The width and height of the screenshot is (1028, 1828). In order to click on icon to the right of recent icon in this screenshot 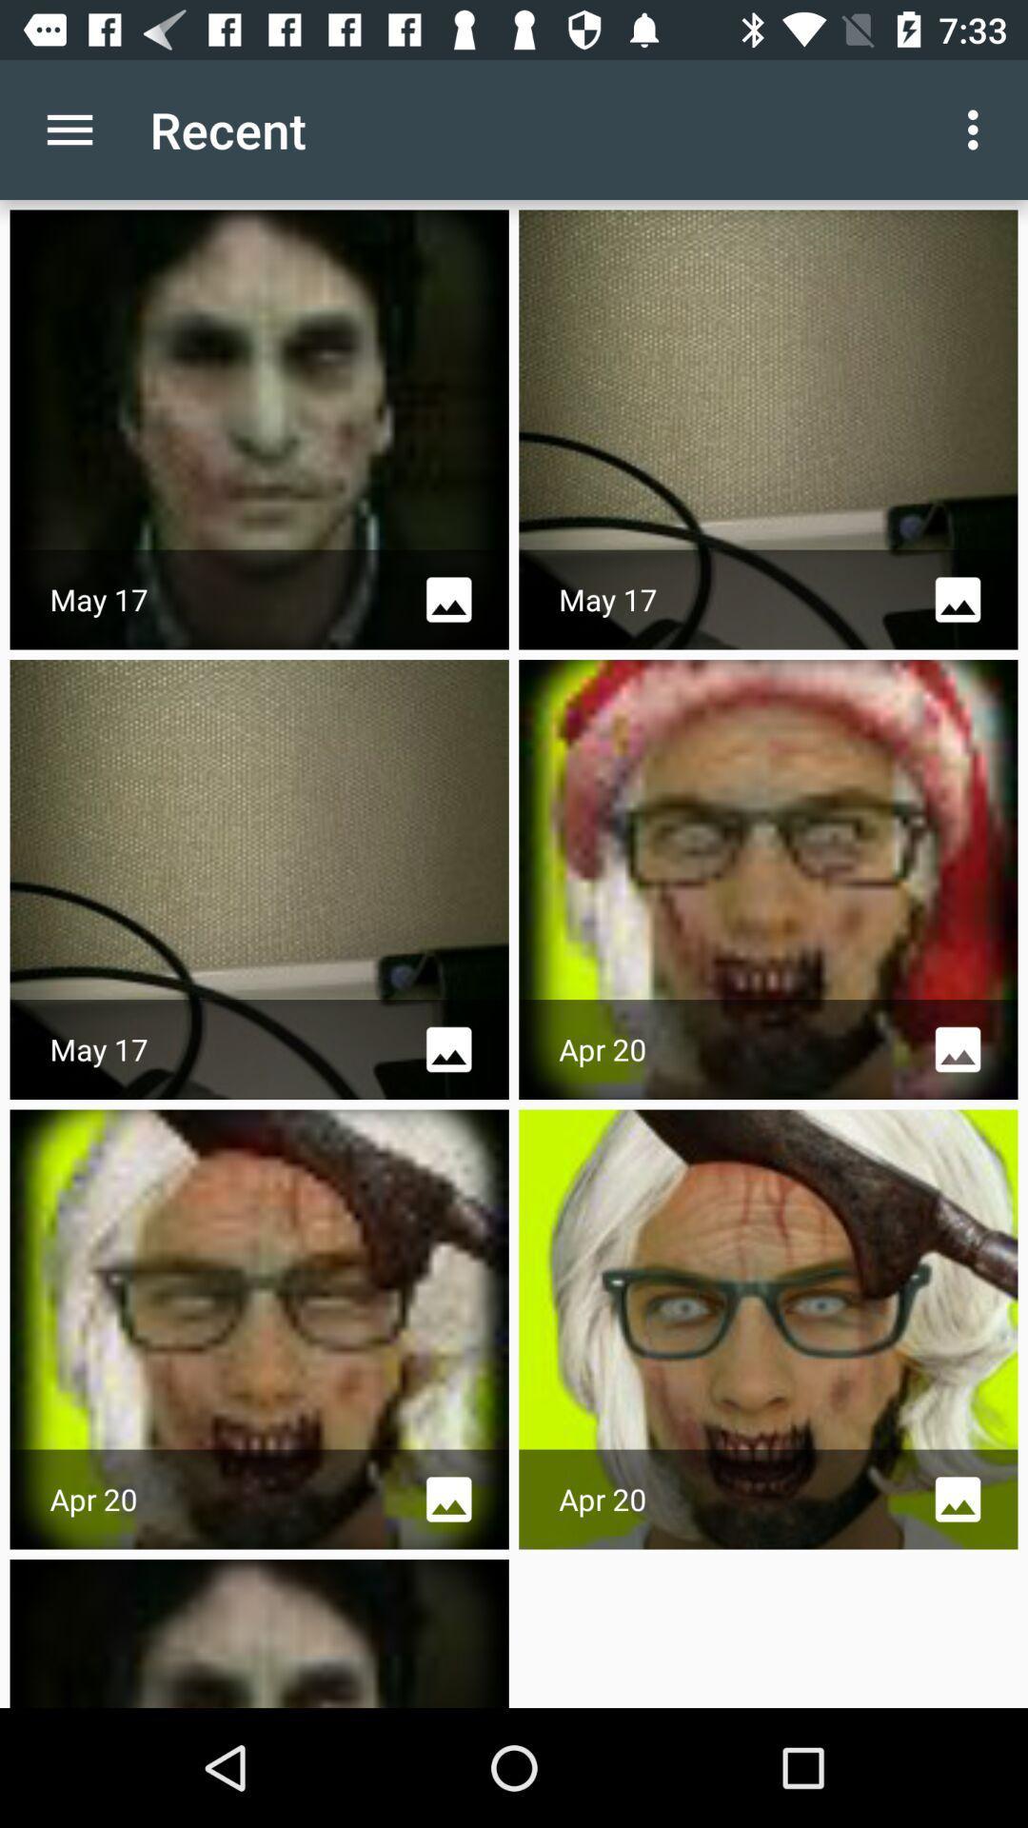, I will do `click(978, 129)`.